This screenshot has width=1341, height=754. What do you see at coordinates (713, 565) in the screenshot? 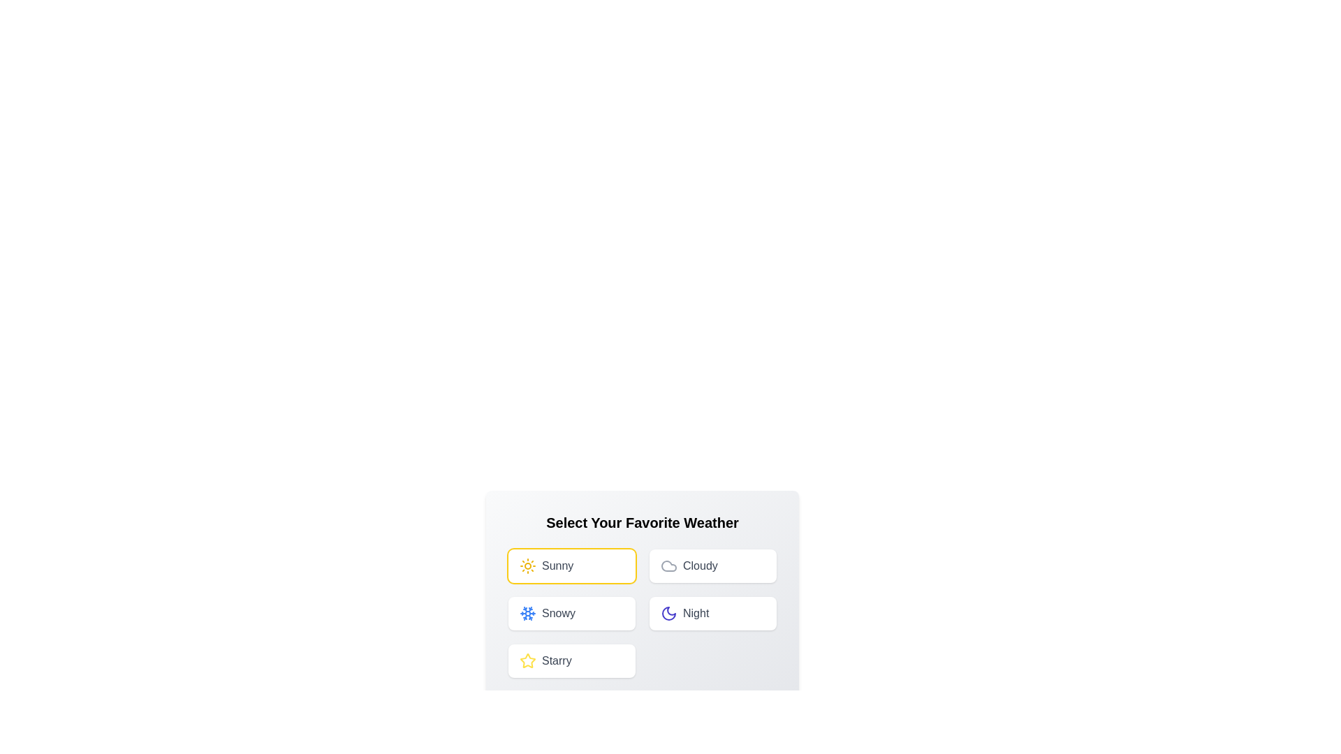
I see `the 'Cloudy' weather selection button, which is the second button in the first row of a grid layout containing five weather-related buttons, to trigger a hover effect` at bounding box center [713, 565].